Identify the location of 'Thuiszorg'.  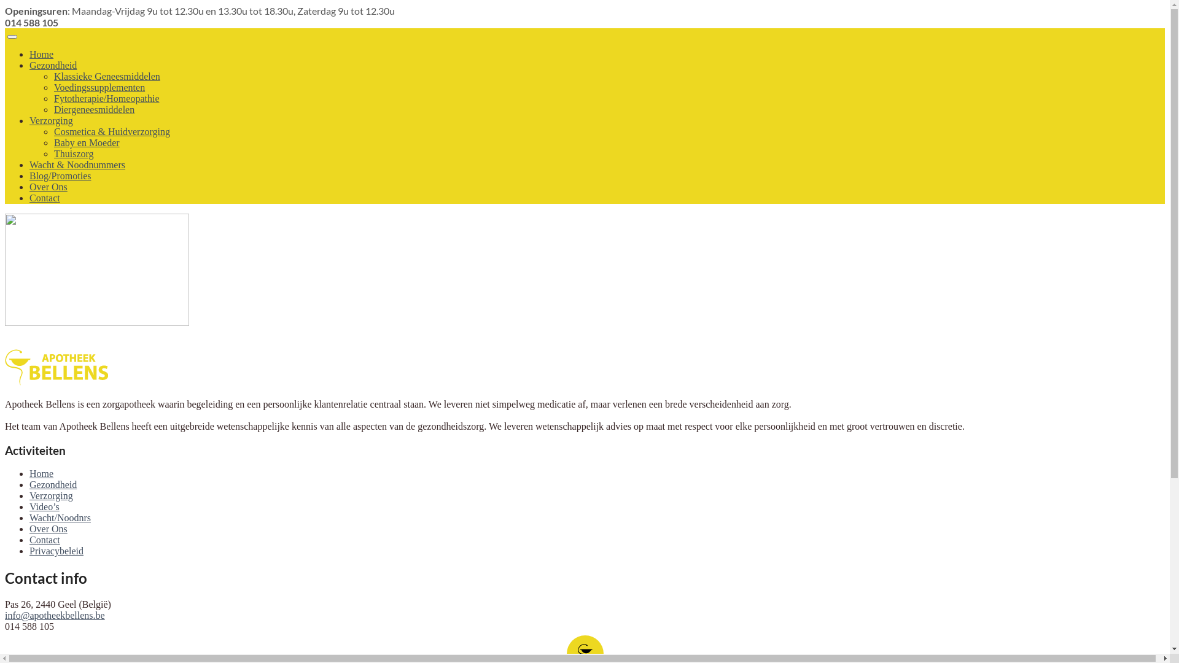
(73, 153).